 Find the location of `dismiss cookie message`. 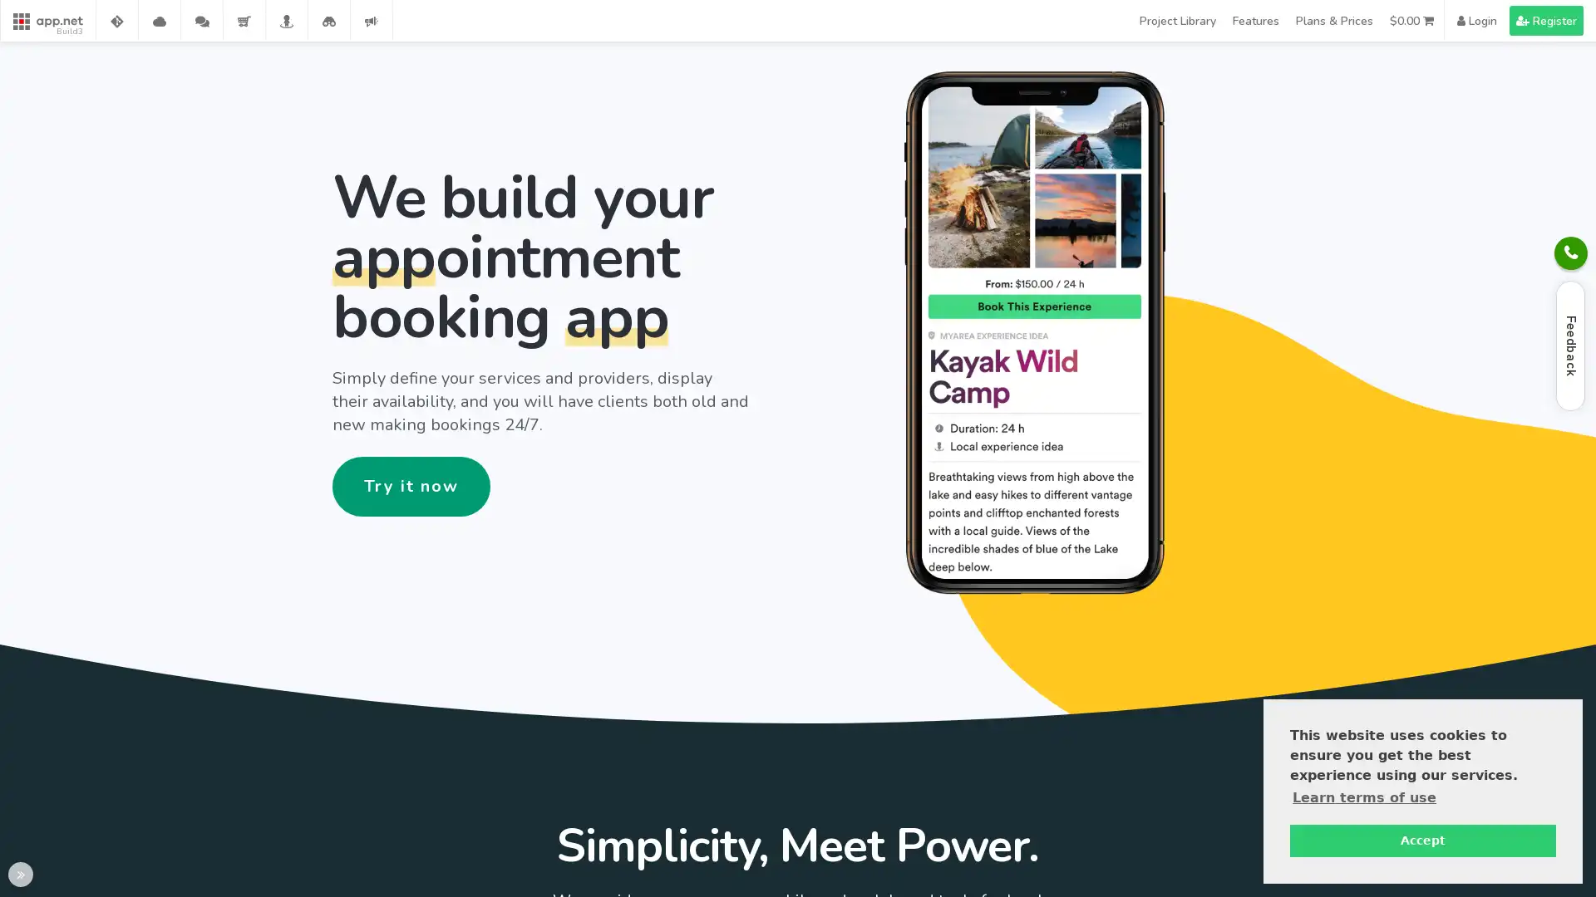

dismiss cookie message is located at coordinates (1422, 840).